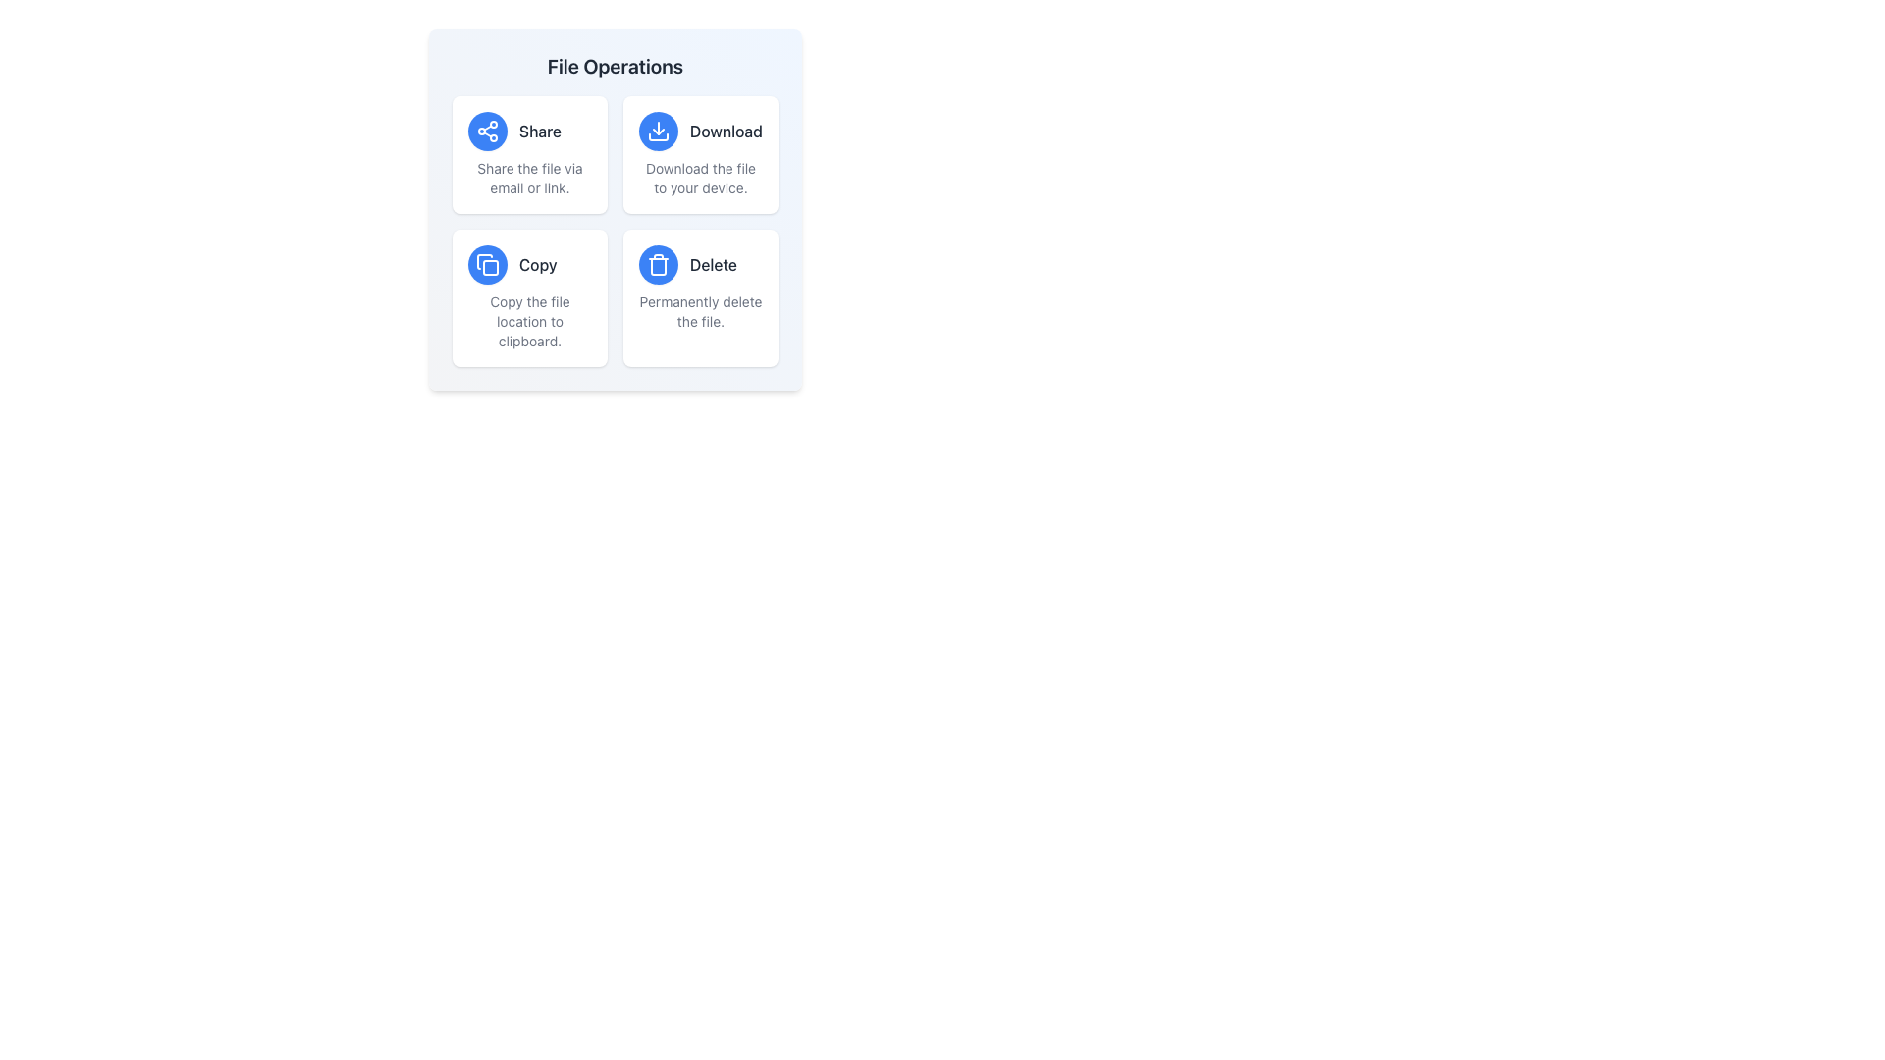 This screenshot has height=1060, width=1885. Describe the element at coordinates (488, 265) in the screenshot. I see `the 'Copy' button located in the lower-left section of the button grid to copy the file's location to the clipboard` at that location.